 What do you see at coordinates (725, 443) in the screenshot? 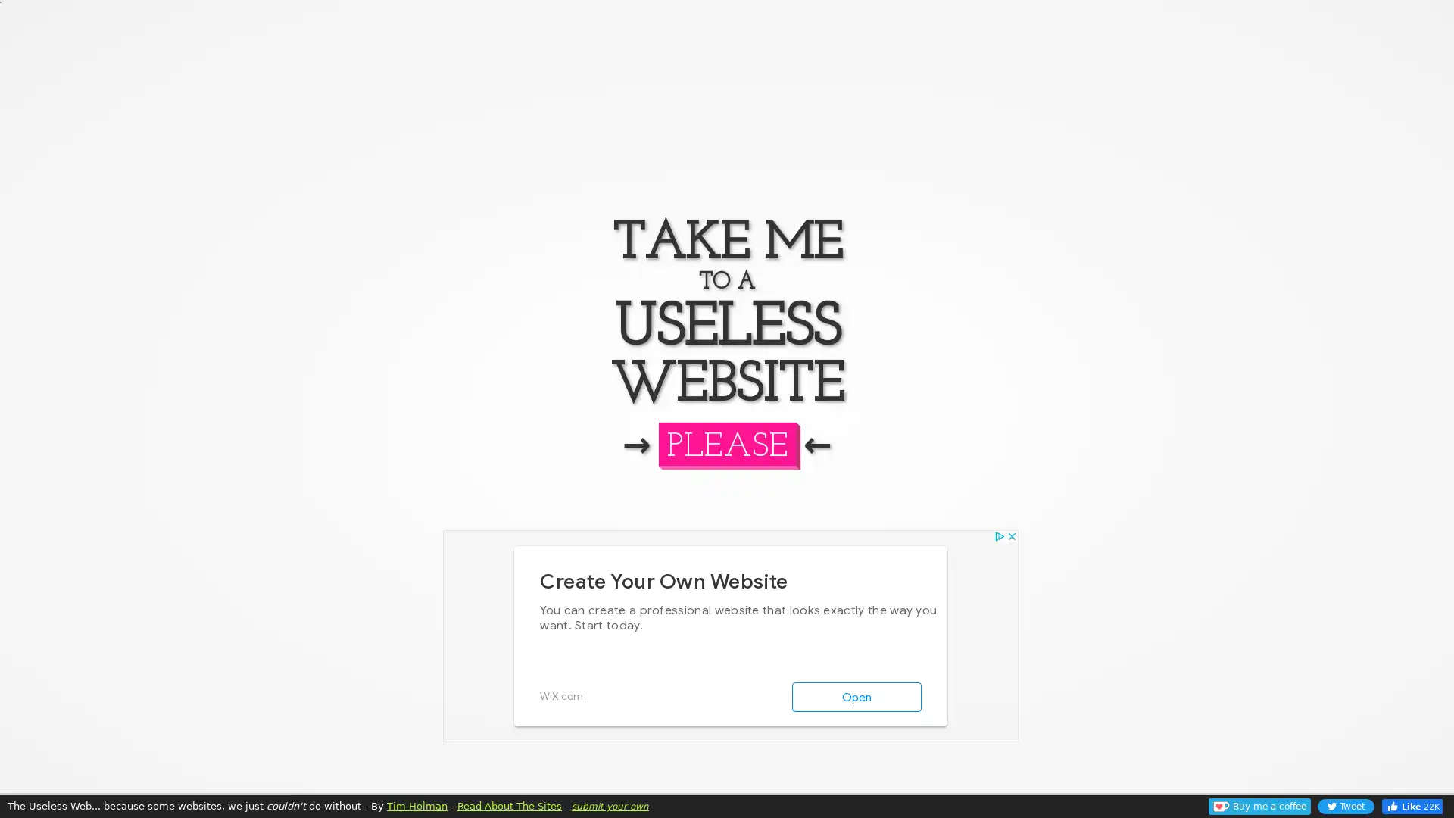
I see `PLEASE` at bounding box center [725, 443].